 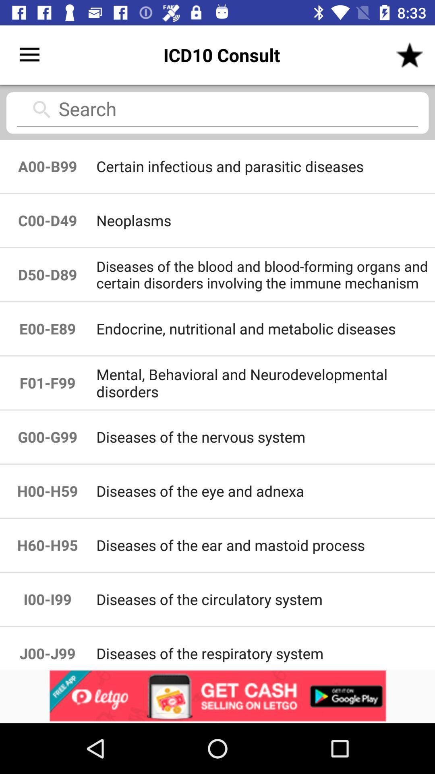 What do you see at coordinates (217, 696) in the screenshot?
I see `click advert` at bounding box center [217, 696].